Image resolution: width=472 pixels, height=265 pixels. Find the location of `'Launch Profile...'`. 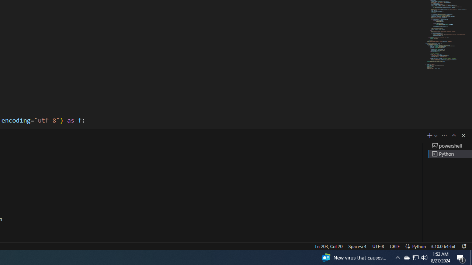

'Launch Profile...' is located at coordinates (436, 135).